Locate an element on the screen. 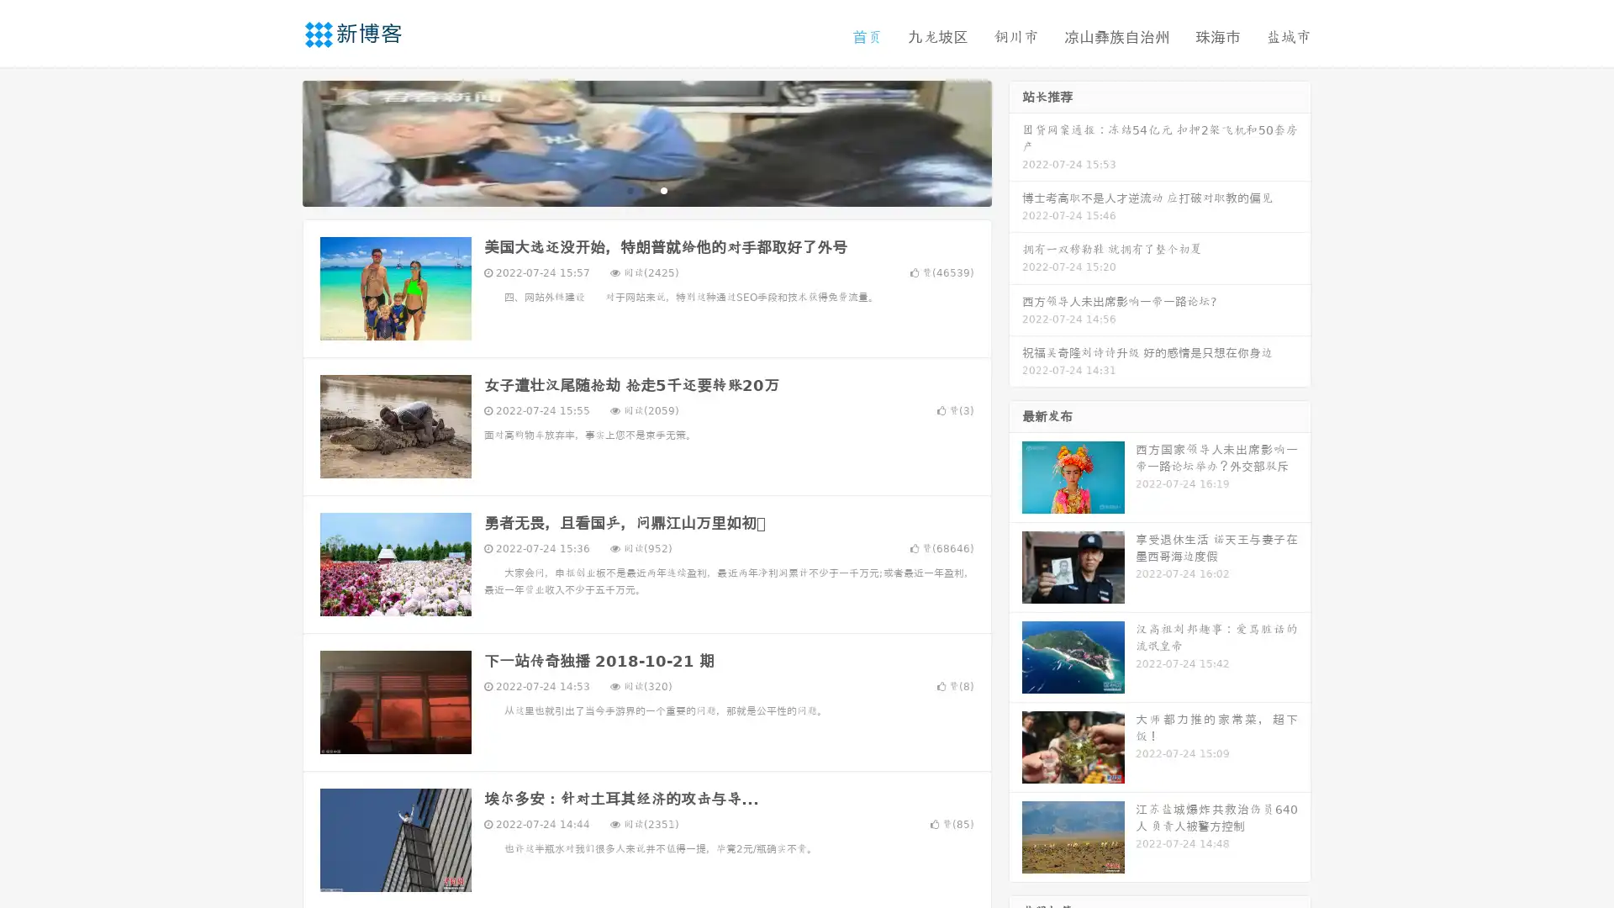 The height and width of the screenshot is (908, 1614). Go to slide 2 is located at coordinates (646, 189).